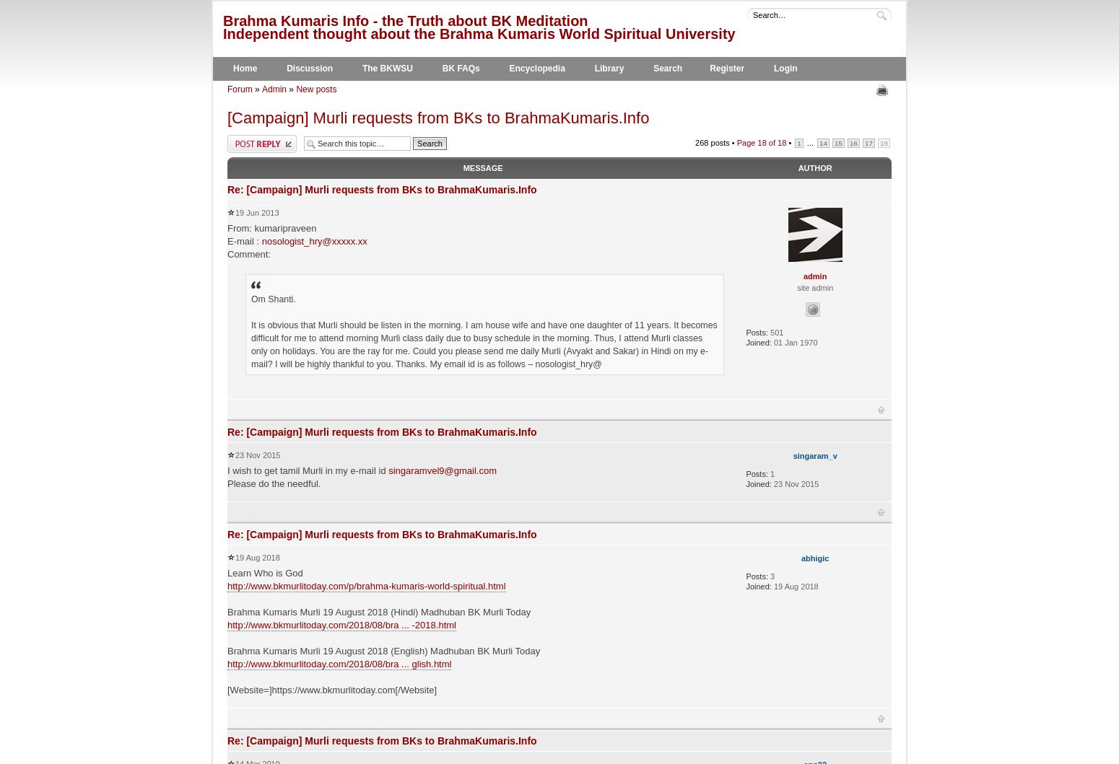  I want to click on 'Comment:', so click(248, 253).